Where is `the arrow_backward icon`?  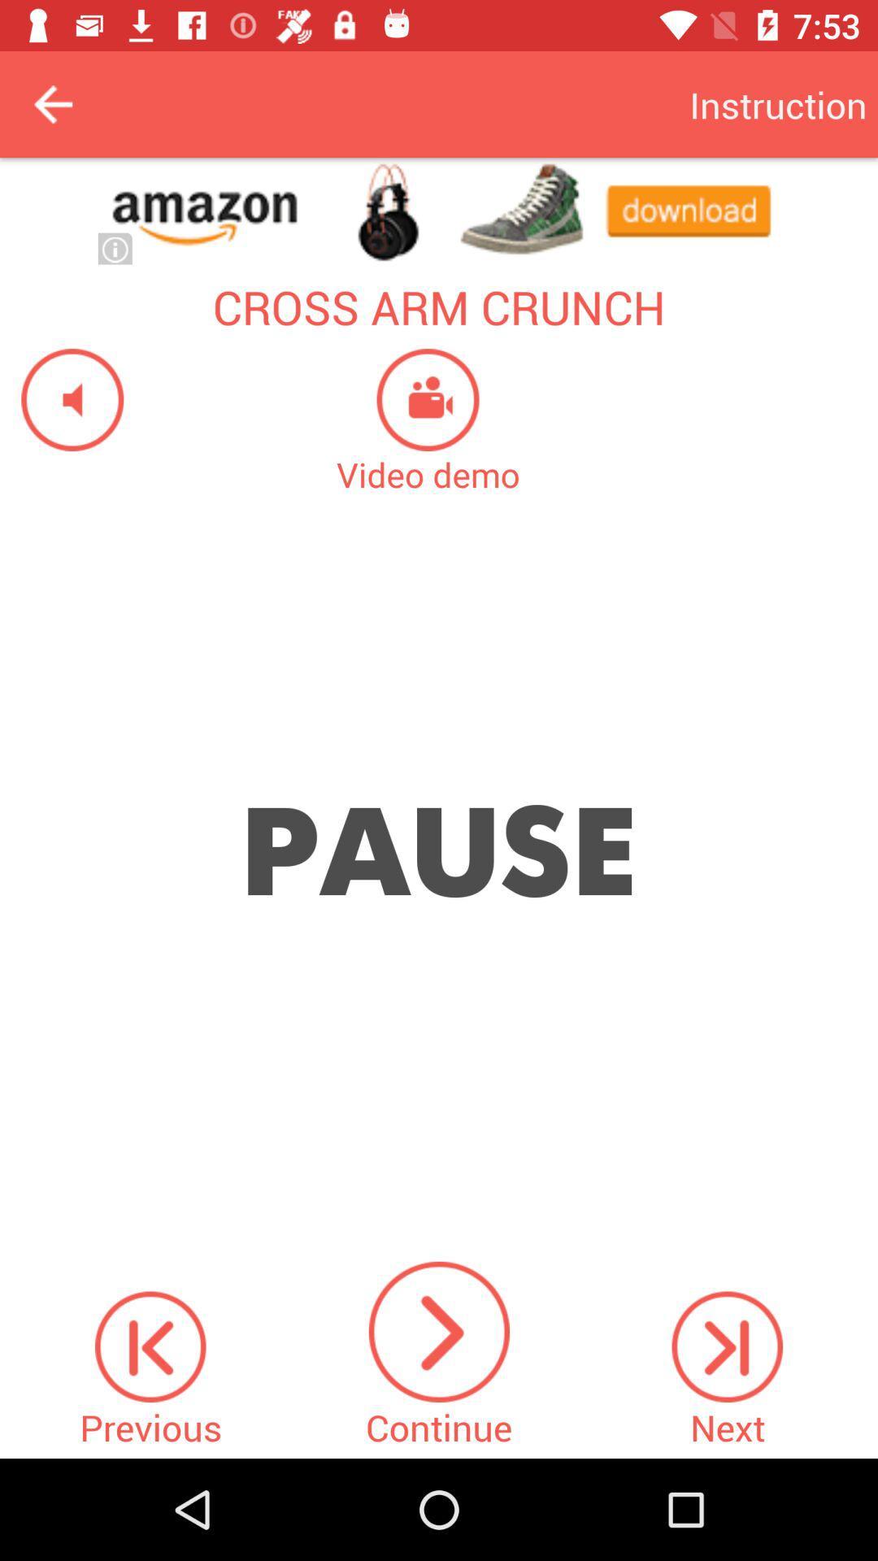
the arrow_backward icon is located at coordinates (52, 103).